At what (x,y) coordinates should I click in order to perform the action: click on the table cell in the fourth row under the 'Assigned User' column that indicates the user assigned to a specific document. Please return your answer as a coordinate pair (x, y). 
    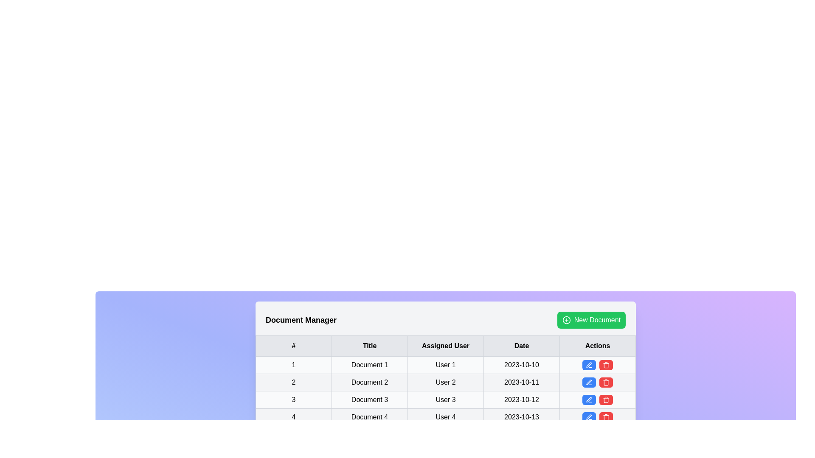
    Looking at the image, I should click on (445, 416).